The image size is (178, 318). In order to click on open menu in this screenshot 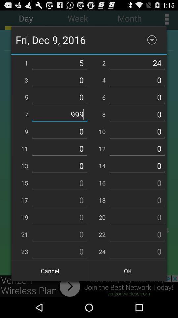, I will do `click(152, 40)`.